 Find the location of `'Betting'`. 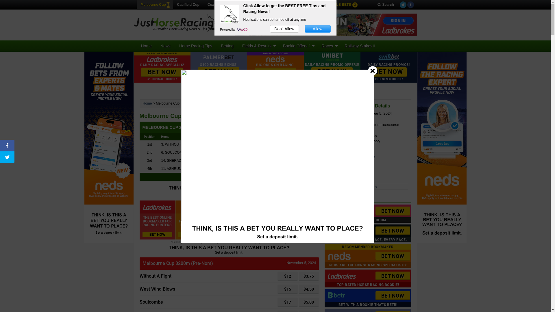

'Betting' is located at coordinates (227, 45).